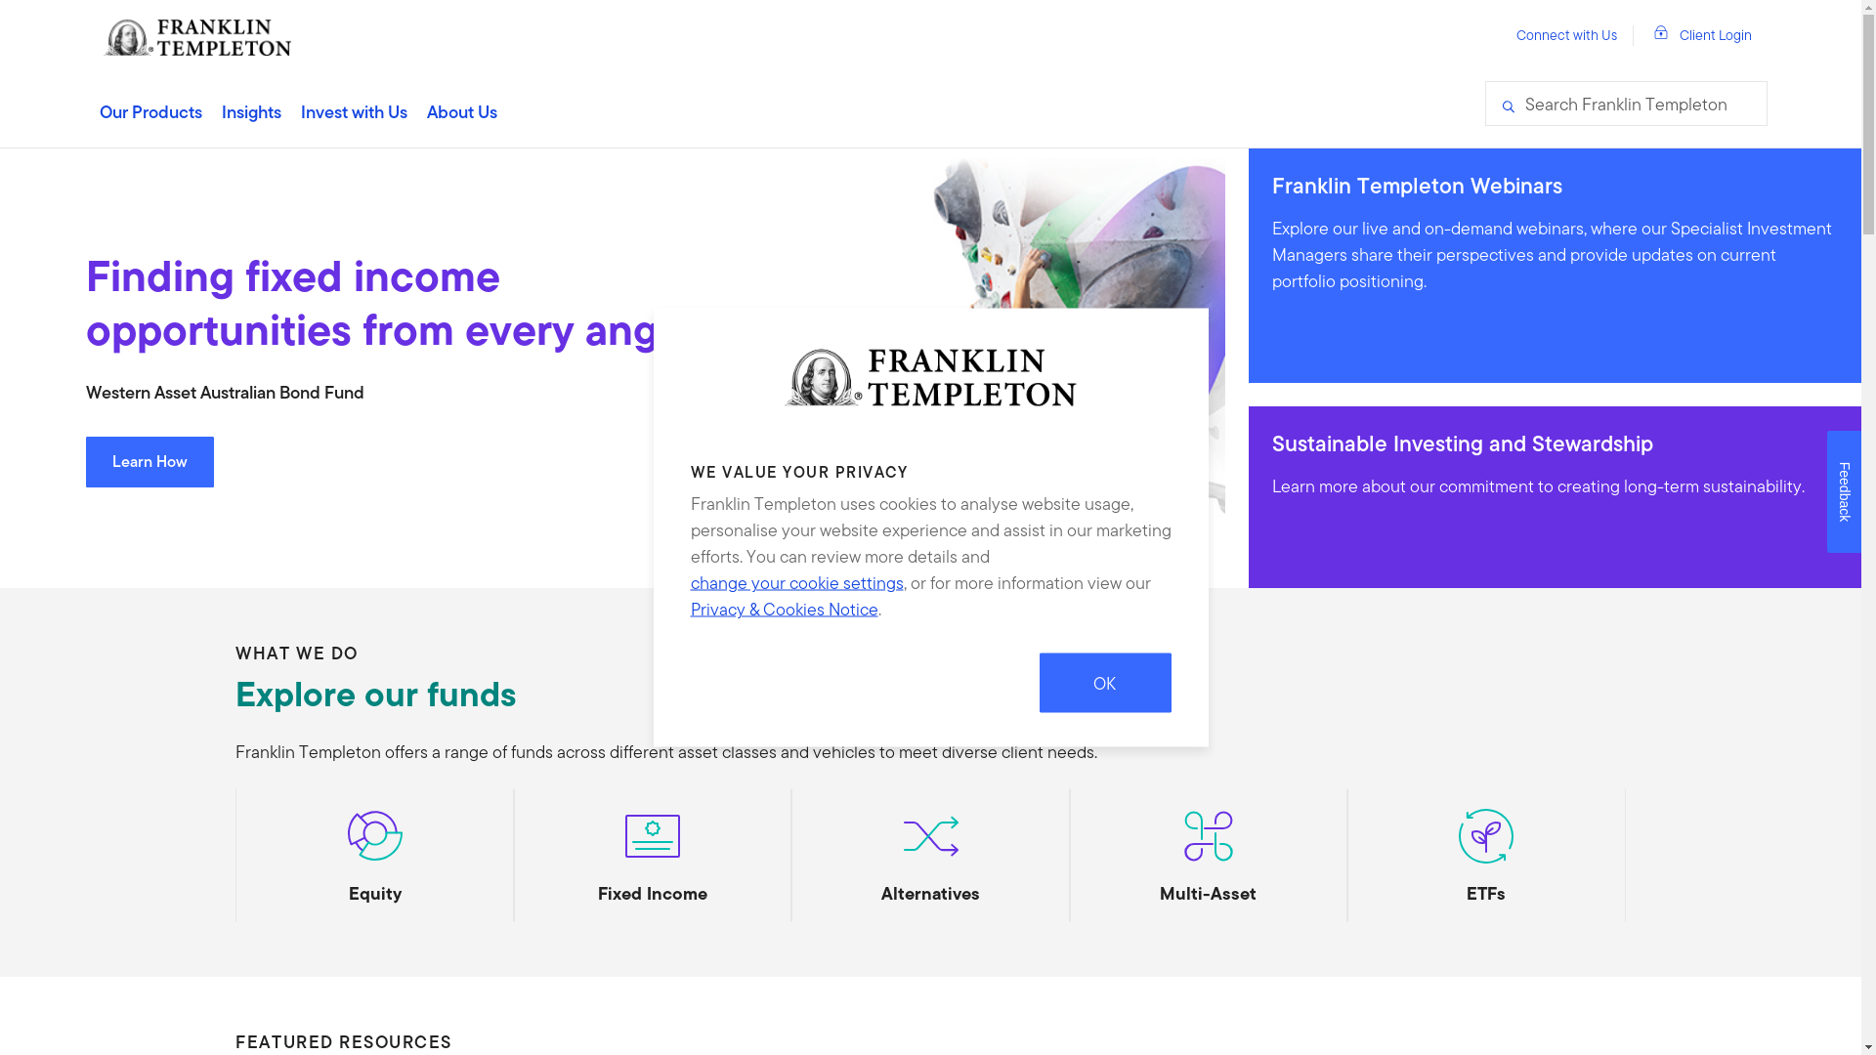  Describe the element at coordinates (689, 580) in the screenshot. I see `'change your cookie settings'` at that location.